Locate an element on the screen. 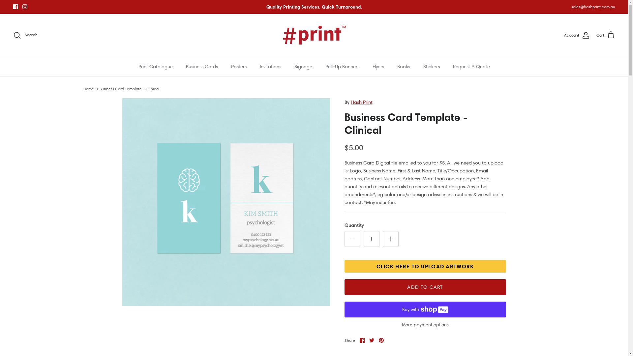  'Request A Quote' is located at coordinates (471, 67).